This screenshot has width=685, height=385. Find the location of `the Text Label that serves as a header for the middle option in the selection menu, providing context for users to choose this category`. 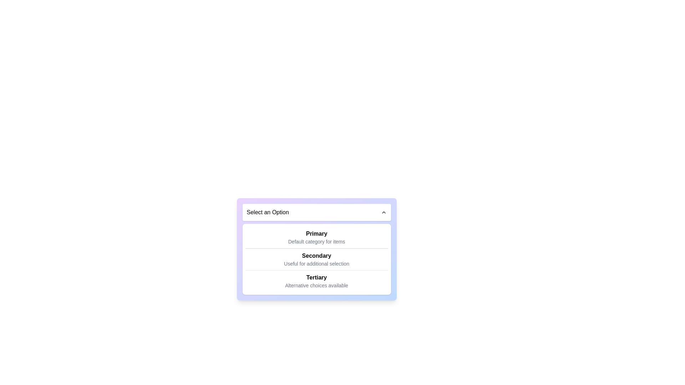

the Text Label that serves as a header for the middle option in the selection menu, providing context for users to choose this category is located at coordinates (316, 255).